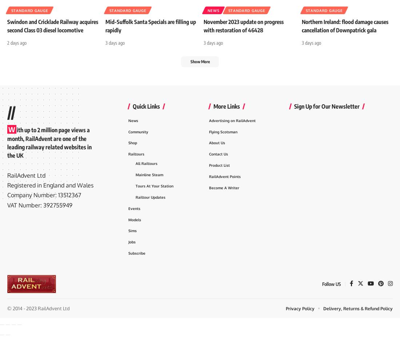 Image resolution: width=400 pixels, height=356 pixels. I want to click on 'Mid-Suffolk Santa Specials are filling up rapidly', so click(149, 29).